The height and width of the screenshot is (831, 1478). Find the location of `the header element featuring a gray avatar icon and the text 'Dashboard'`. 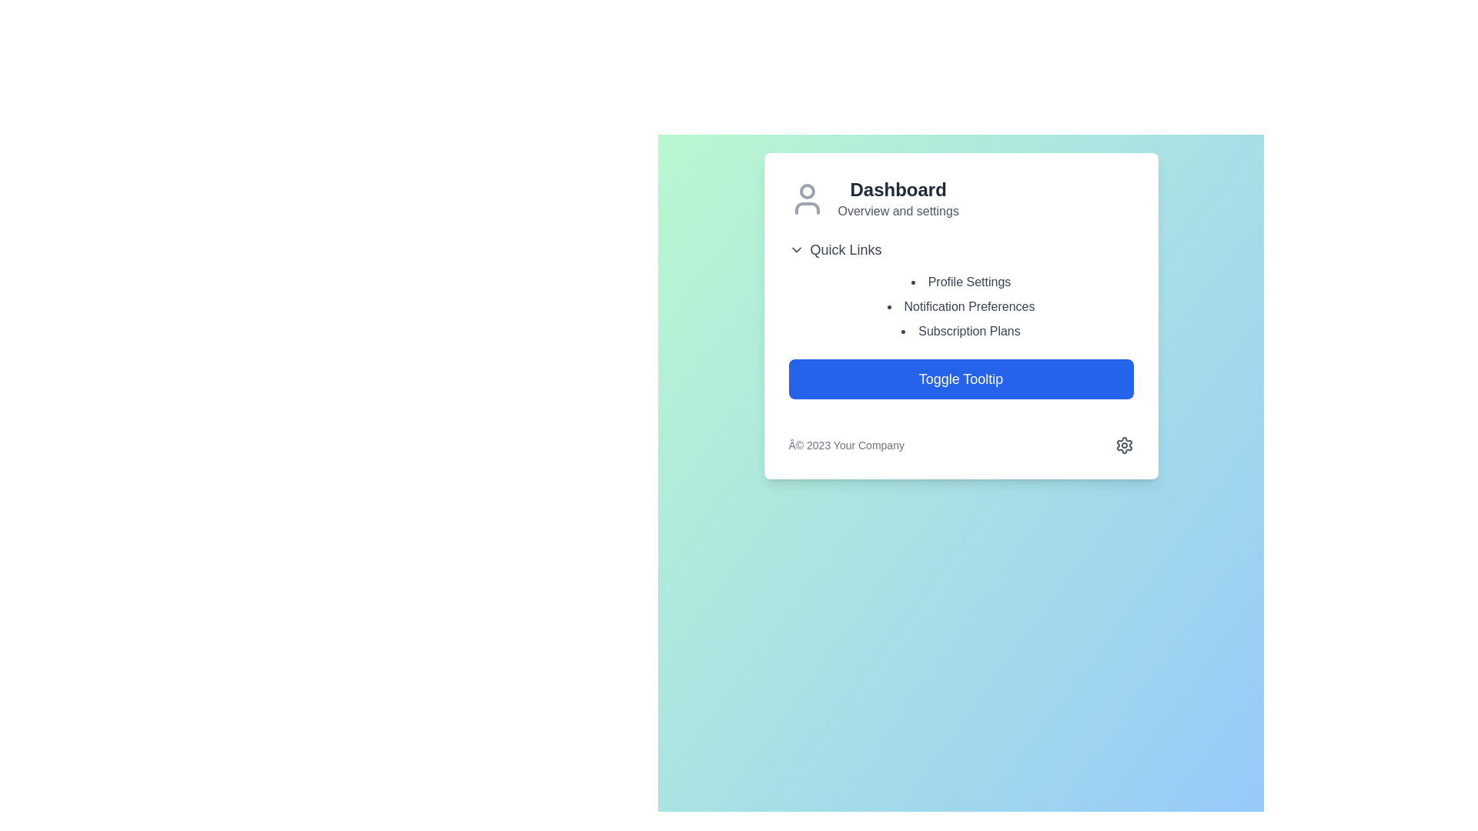

the header element featuring a gray avatar icon and the text 'Dashboard' is located at coordinates (960, 198).